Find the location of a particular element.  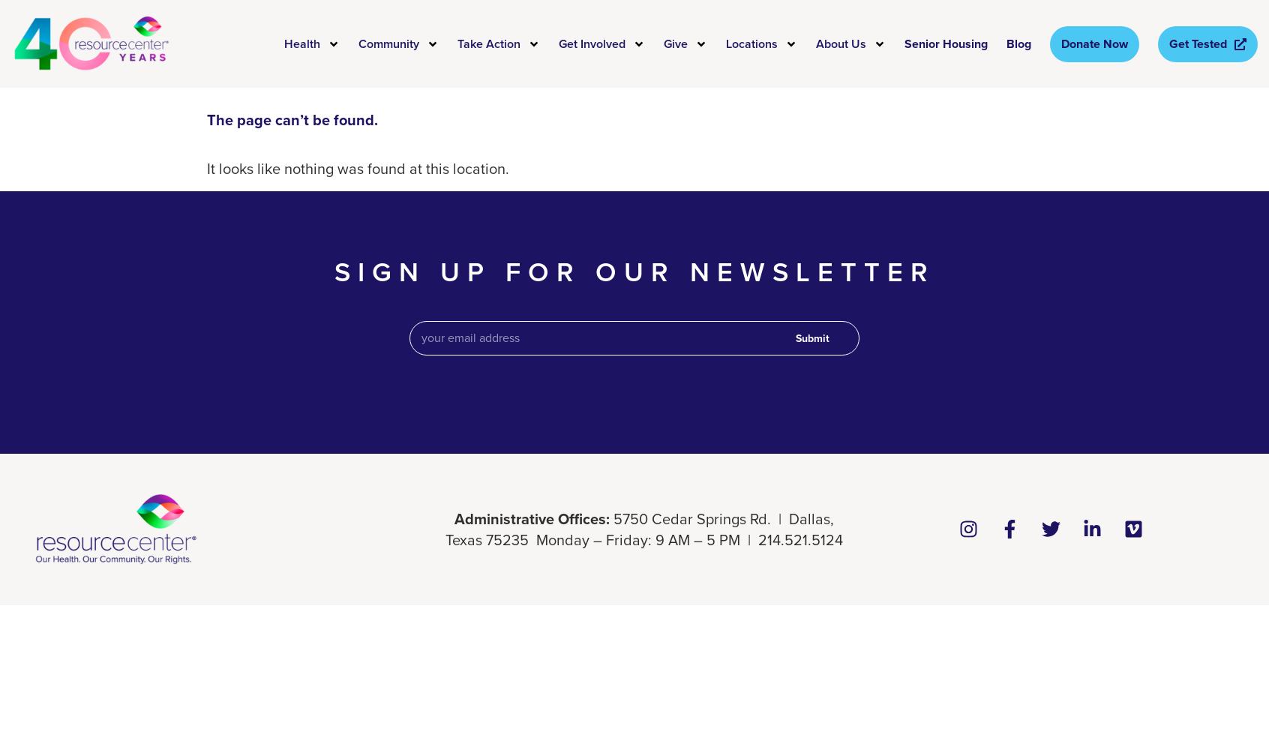

'Locations' is located at coordinates (725, 43).